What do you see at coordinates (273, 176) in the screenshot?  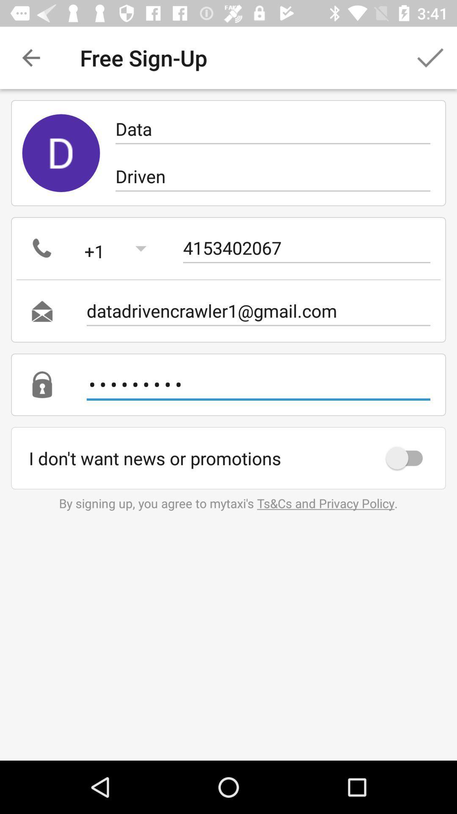 I see `icon above 4153402067 icon` at bounding box center [273, 176].